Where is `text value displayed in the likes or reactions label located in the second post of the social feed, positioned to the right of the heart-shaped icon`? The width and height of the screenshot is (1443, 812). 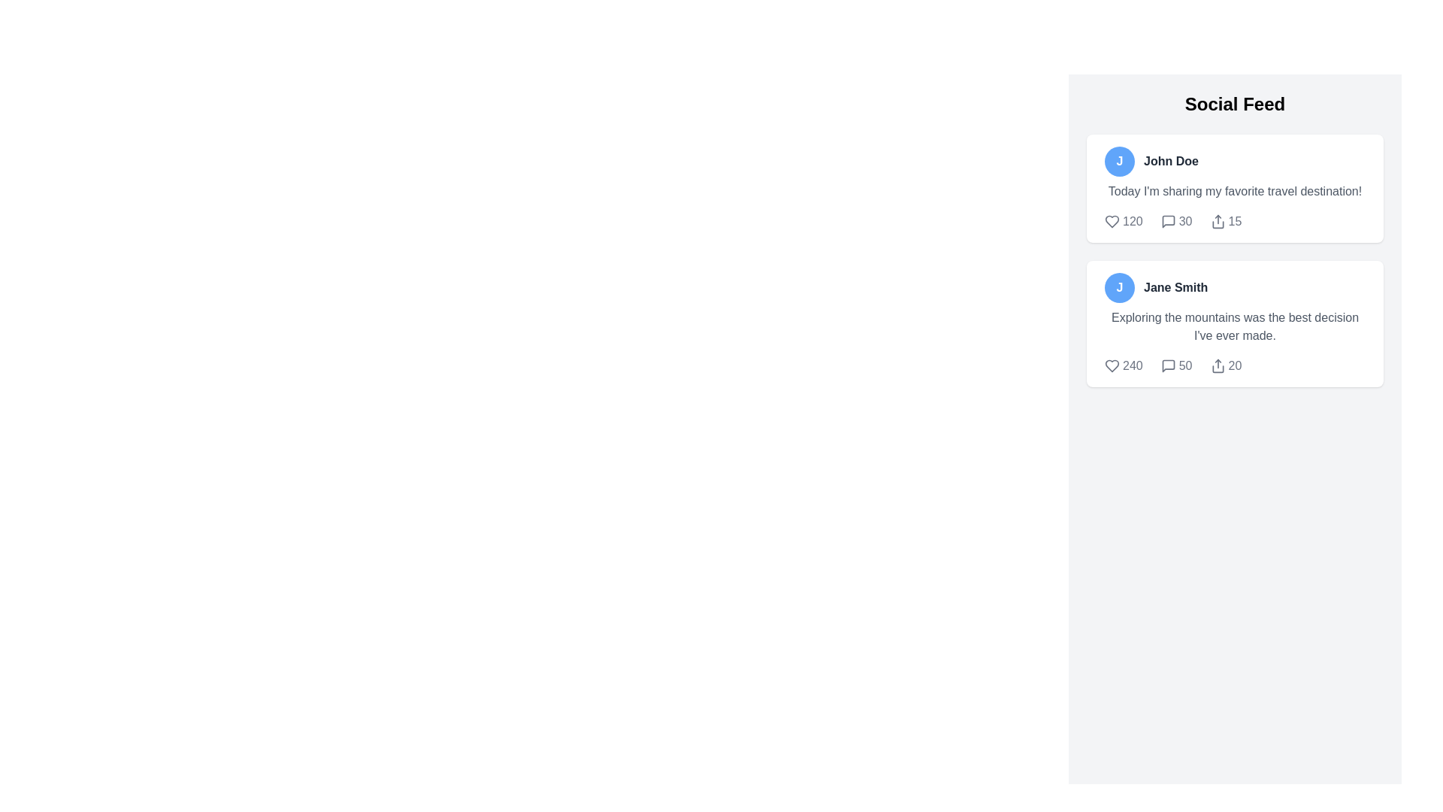 text value displayed in the likes or reactions label located in the second post of the social feed, positioned to the right of the heart-shaped icon is located at coordinates (1133, 365).